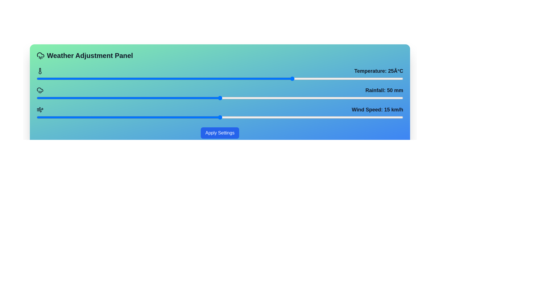  What do you see at coordinates (36, 117) in the screenshot?
I see `the wind speed` at bounding box center [36, 117].